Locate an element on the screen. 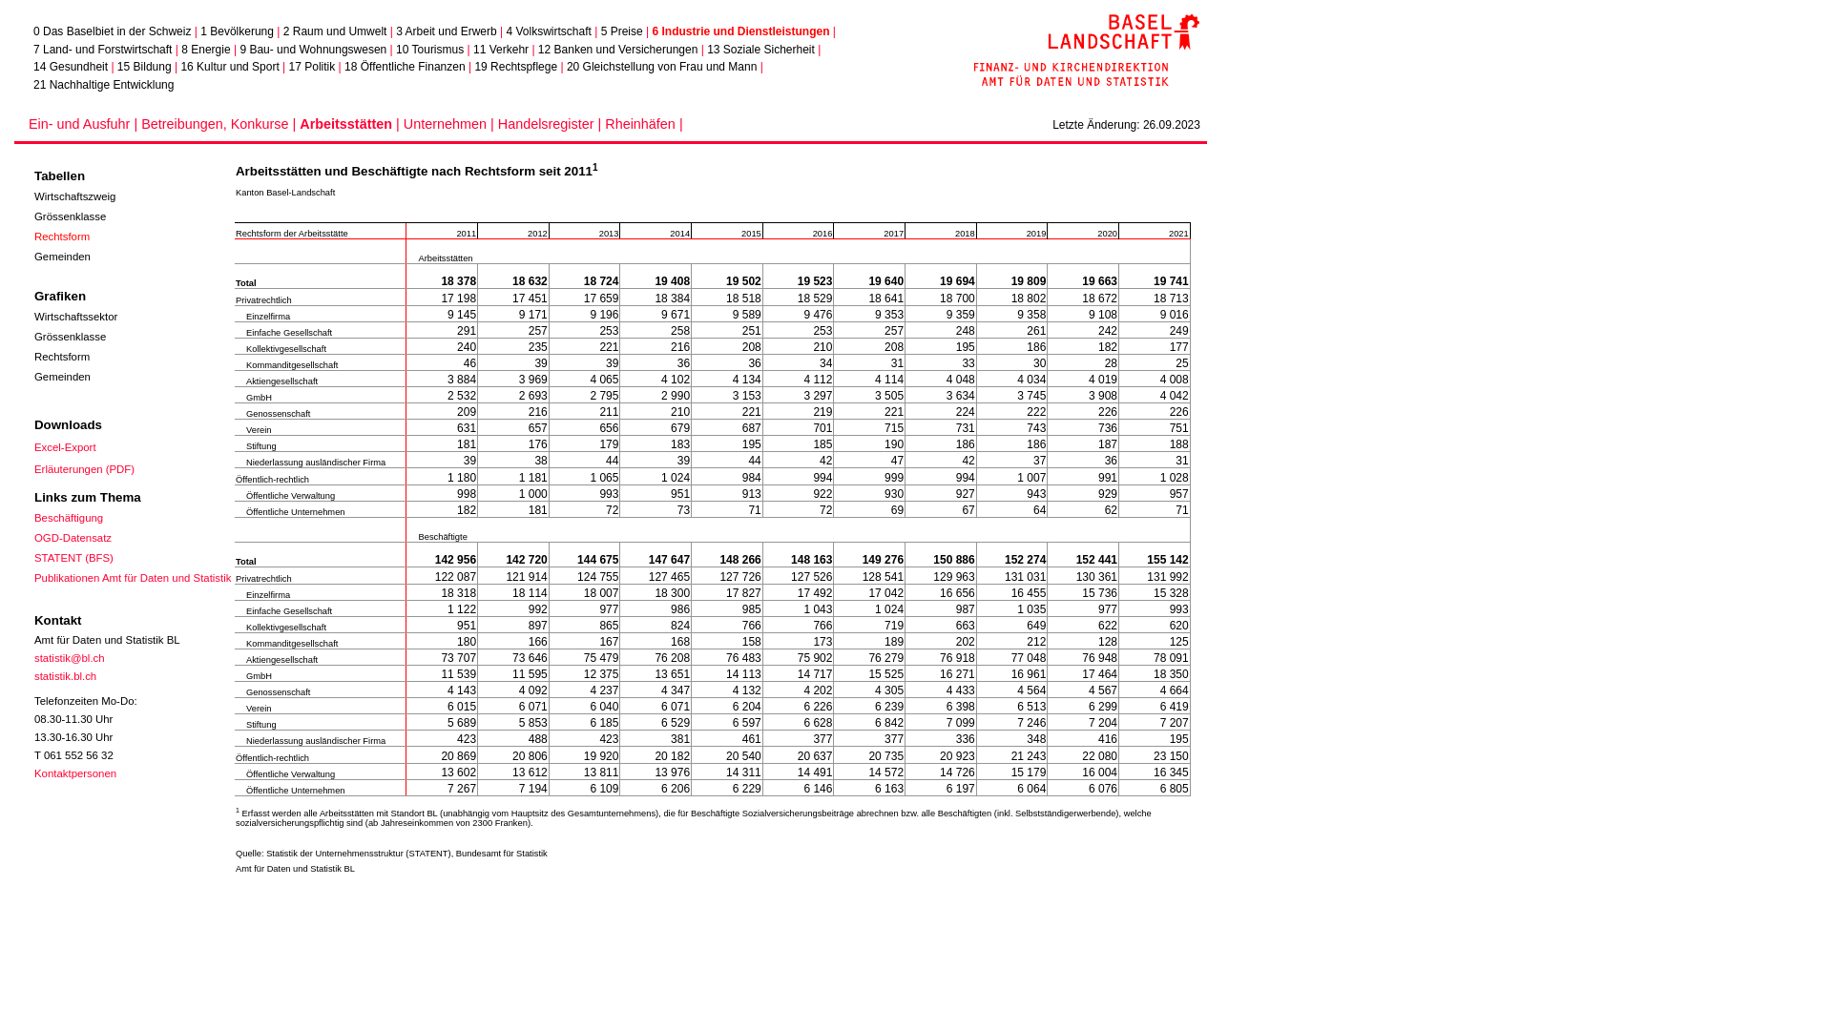 The height and width of the screenshot is (1030, 1832). '12 Banken und Versicherungen' is located at coordinates (617, 48).